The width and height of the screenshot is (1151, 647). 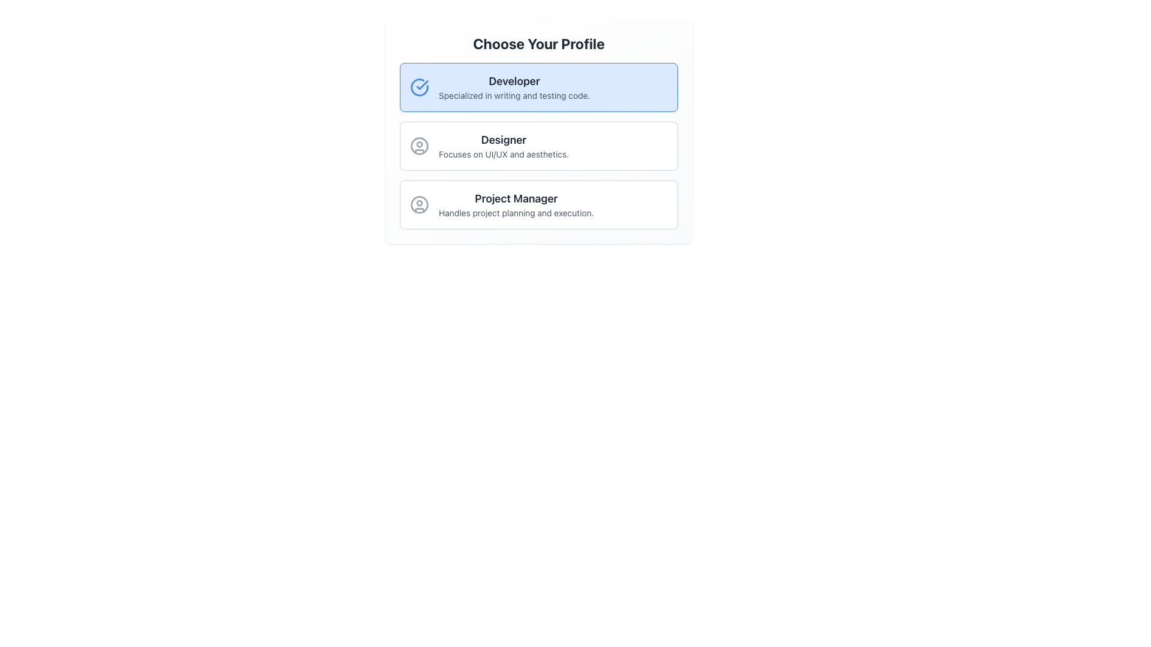 I want to click on the circular gray profile icon representing a user, which is located to the left of the text 'Designer' and 'Focuses on UI/UX and aesthetics.', so click(x=420, y=145).